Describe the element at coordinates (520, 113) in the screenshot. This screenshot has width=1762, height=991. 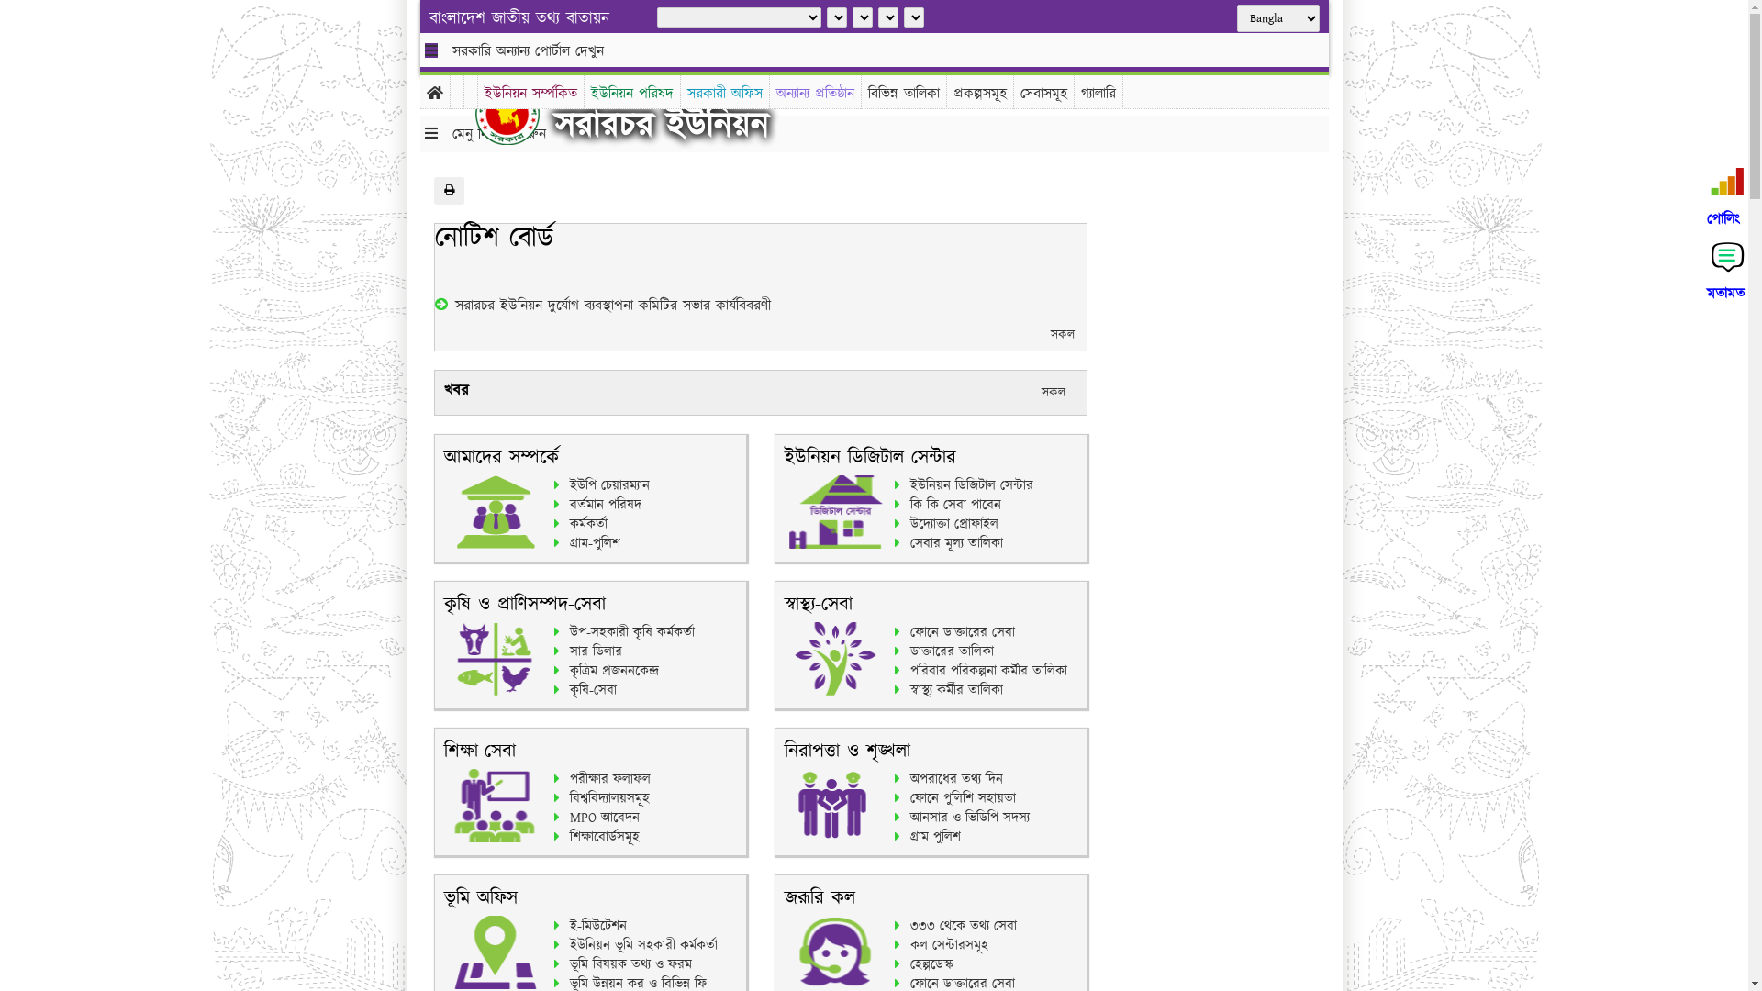
I see `'` at that location.